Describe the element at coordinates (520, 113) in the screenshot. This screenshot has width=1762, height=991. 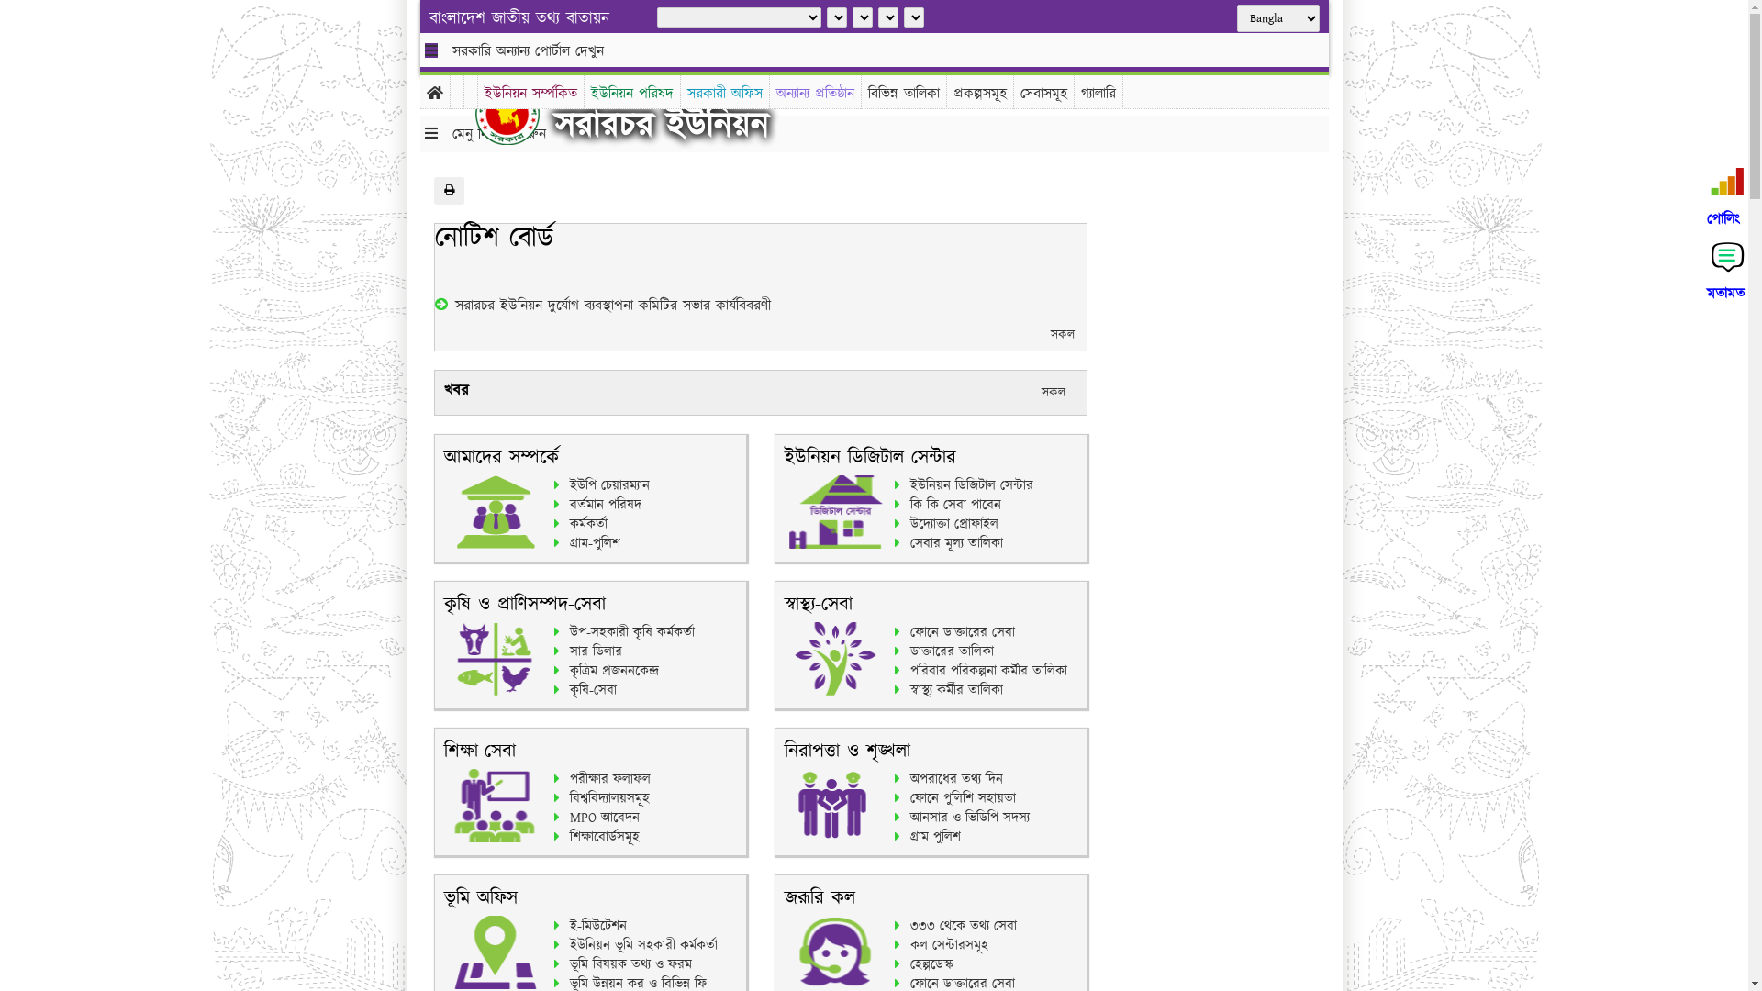
I see `'` at that location.